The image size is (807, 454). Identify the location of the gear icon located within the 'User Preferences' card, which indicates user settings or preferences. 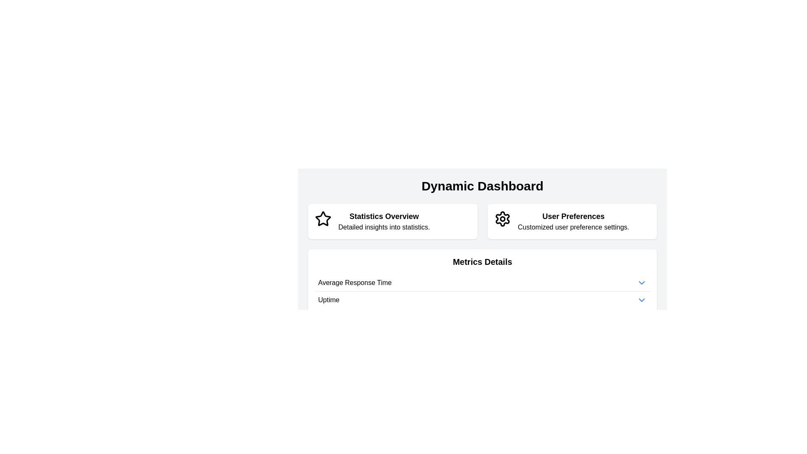
(502, 221).